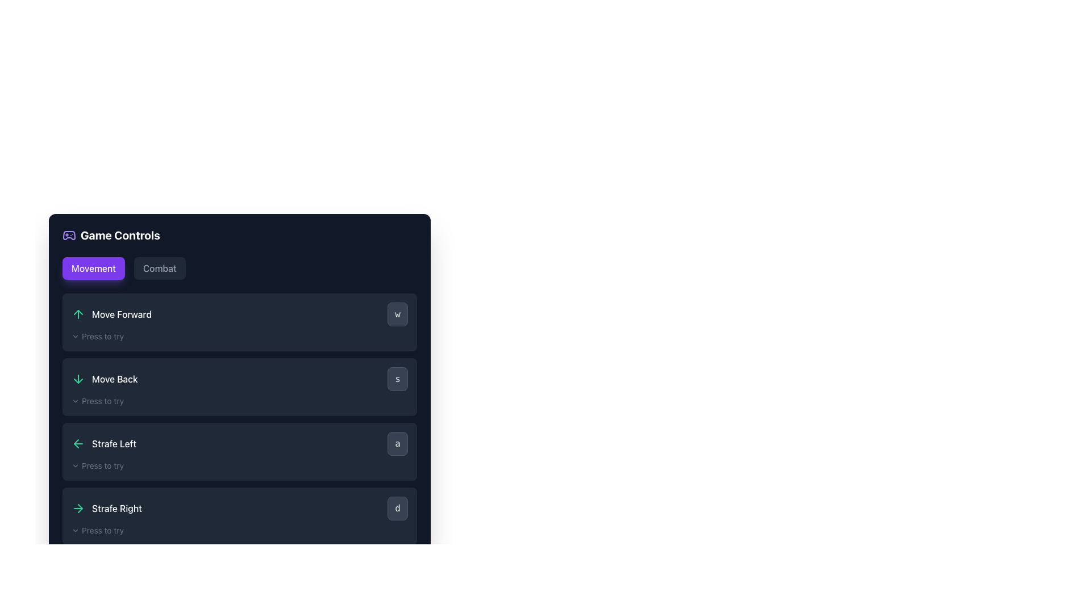 This screenshot has width=1091, height=613. Describe the element at coordinates (106, 507) in the screenshot. I see `the 'Strafe Right' text label with an icon, which indicates the control action for moving right in the game` at that location.